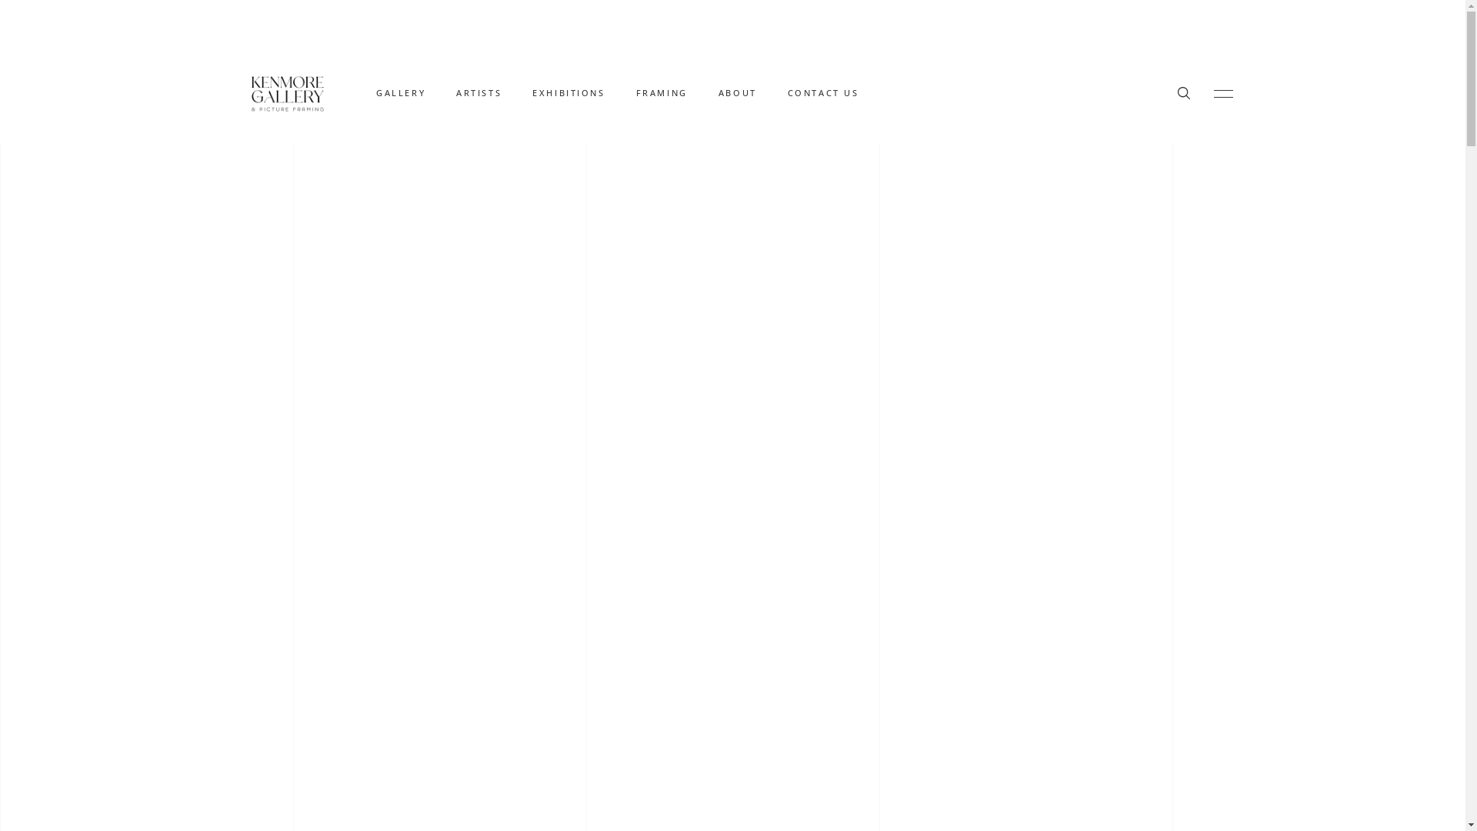 The height and width of the screenshot is (831, 1477). Describe the element at coordinates (568, 92) in the screenshot. I see `'EXHIBITIONS'` at that location.